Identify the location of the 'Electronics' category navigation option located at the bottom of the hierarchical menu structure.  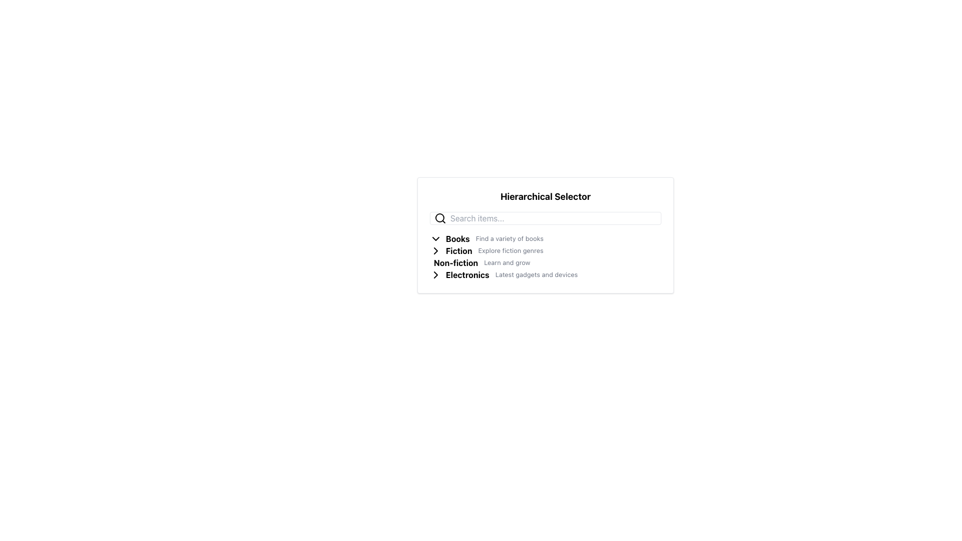
(545, 275).